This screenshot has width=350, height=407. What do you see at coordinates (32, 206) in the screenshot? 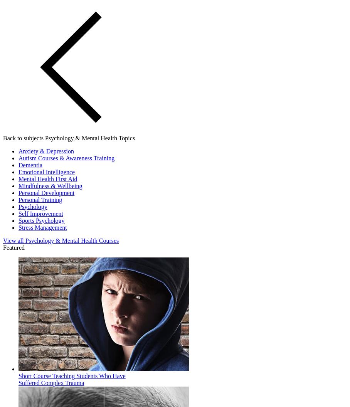
I see `'Psychology'` at bounding box center [32, 206].